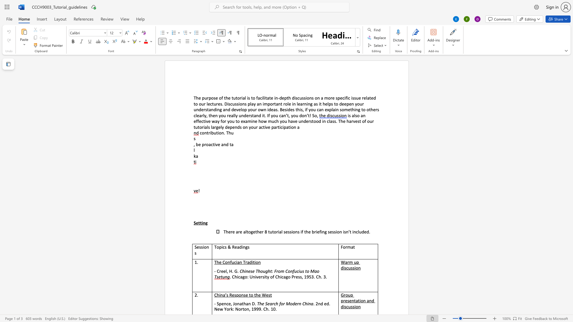 The image size is (573, 322). I want to click on the space between the continuous character "r" and "o" in the text, so click(285, 103).